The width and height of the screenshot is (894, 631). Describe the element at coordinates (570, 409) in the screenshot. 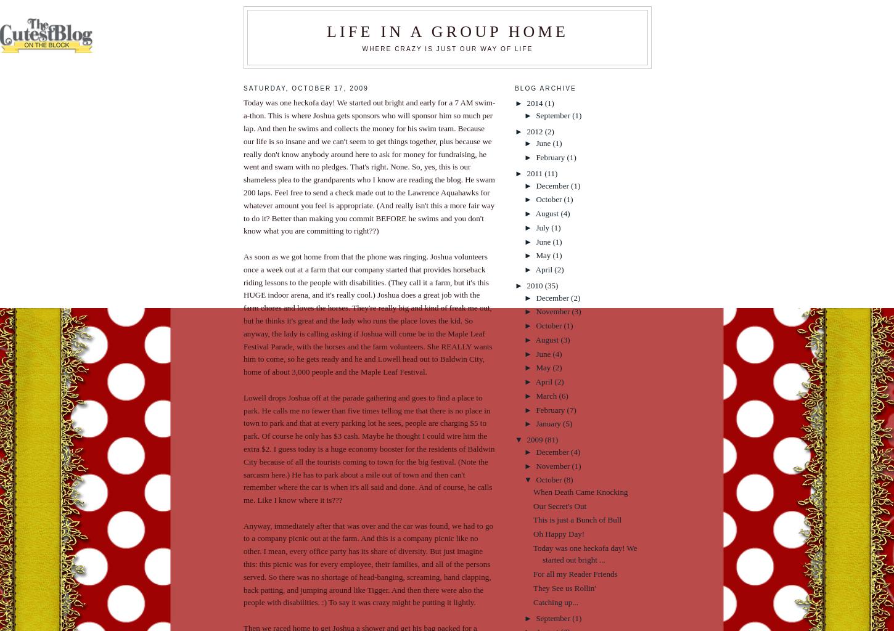

I see `'(7)'` at that location.